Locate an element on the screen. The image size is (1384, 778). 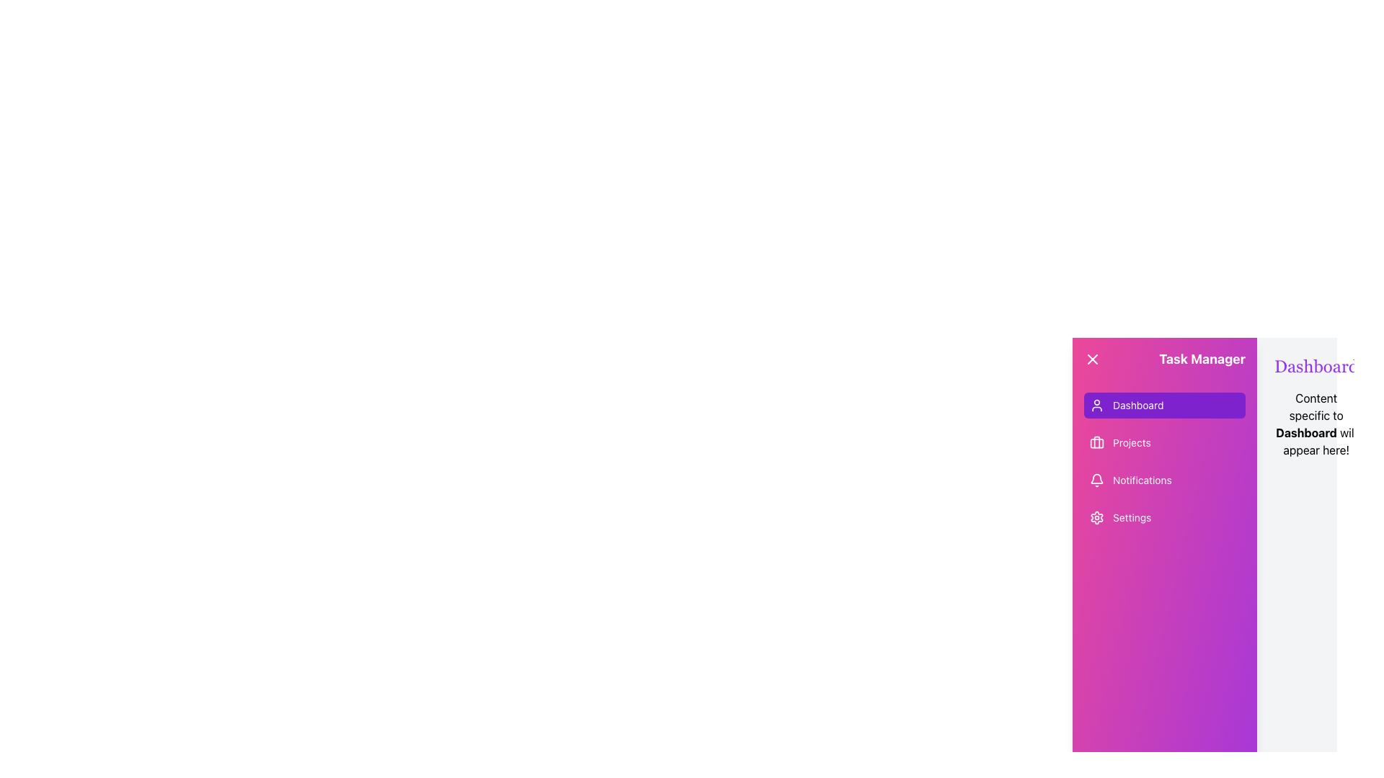
the 'Projects' text label in the left navigation pane, located below the 'Task Manager' title and next to the briefcase icon is located at coordinates (1131, 442).